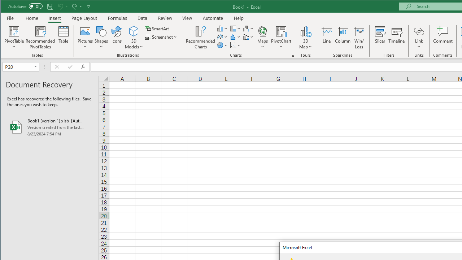  Describe the element at coordinates (213, 18) in the screenshot. I see `'Automate'` at that location.